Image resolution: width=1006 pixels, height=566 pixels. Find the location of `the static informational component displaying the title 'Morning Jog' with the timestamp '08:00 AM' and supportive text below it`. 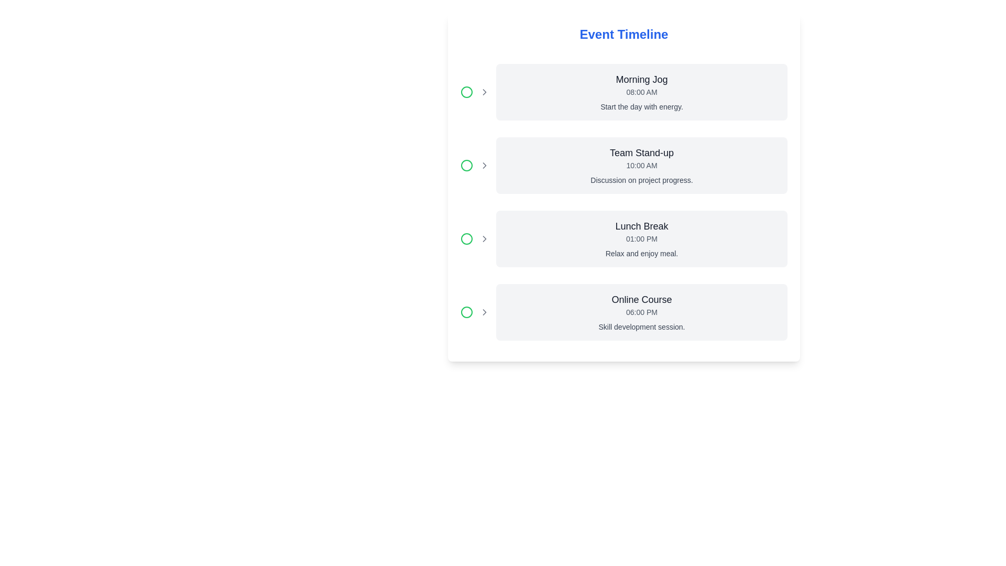

the static informational component displaying the title 'Morning Jog' with the timestamp '08:00 AM' and supportive text below it is located at coordinates (624, 92).